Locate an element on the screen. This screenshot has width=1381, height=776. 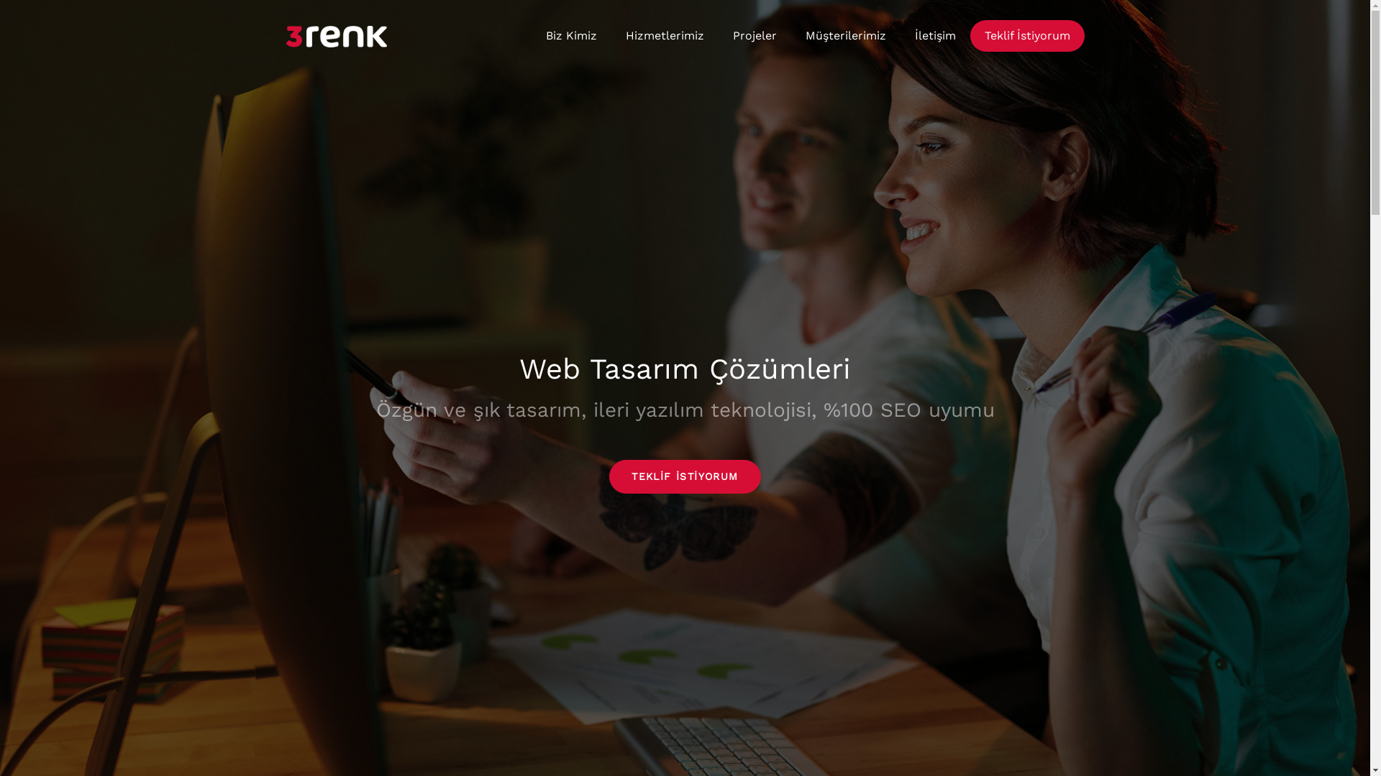
'Biz Kimiz' is located at coordinates (570, 35).